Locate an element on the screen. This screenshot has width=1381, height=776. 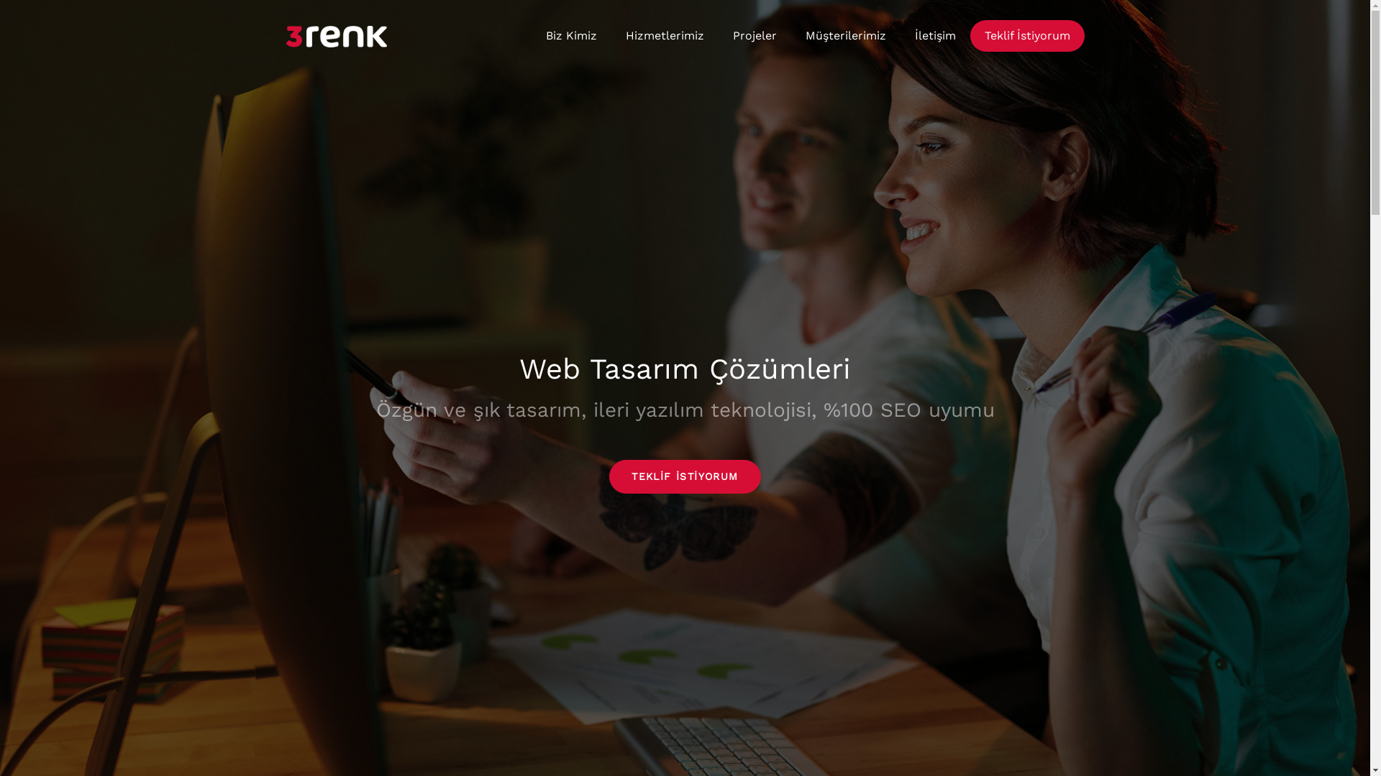
'Biz Kimiz' is located at coordinates (570, 35).